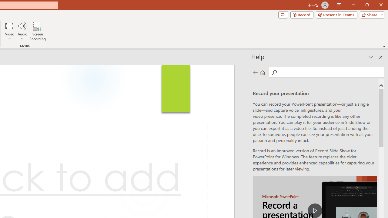  Describe the element at coordinates (315, 210) in the screenshot. I see `'play Record a Presentation'` at that location.